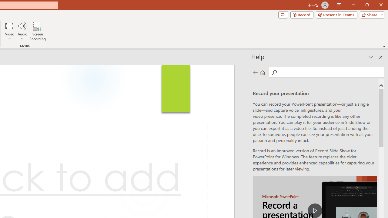  Describe the element at coordinates (315, 210) in the screenshot. I see `'play Record a Presentation'` at that location.